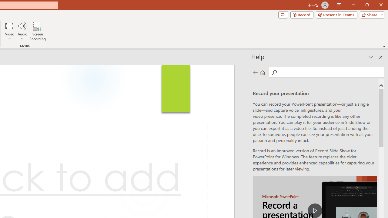  Describe the element at coordinates (315, 210) in the screenshot. I see `'play Record a Presentation'` at that location.